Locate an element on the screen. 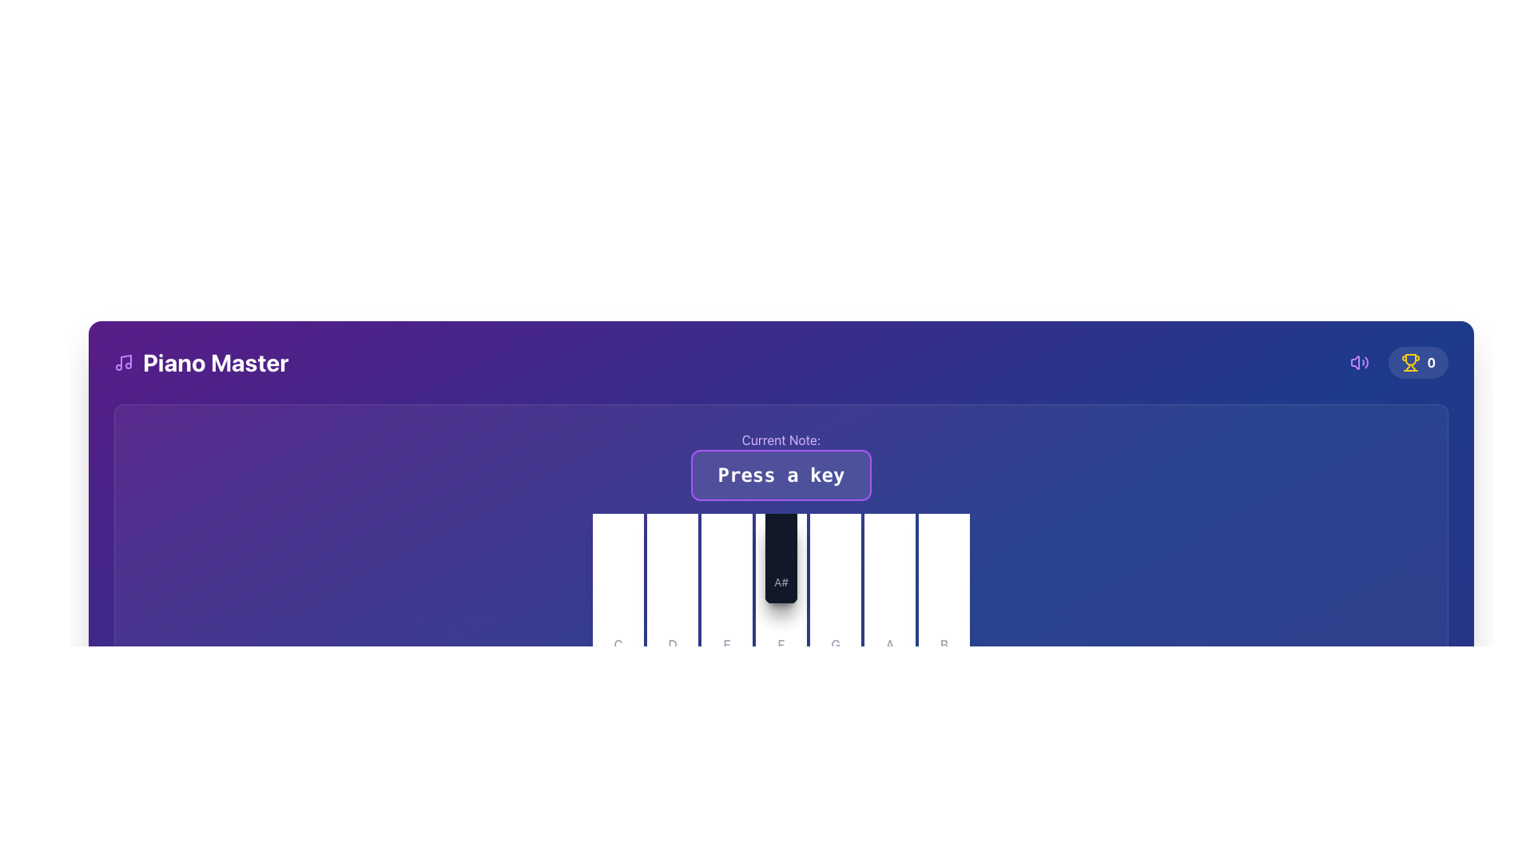 This screenshot has height=863, width=1534. the purple musical note icon located to the left of the 'Piano Master' text in the header section is located at coordinates (122, 363).